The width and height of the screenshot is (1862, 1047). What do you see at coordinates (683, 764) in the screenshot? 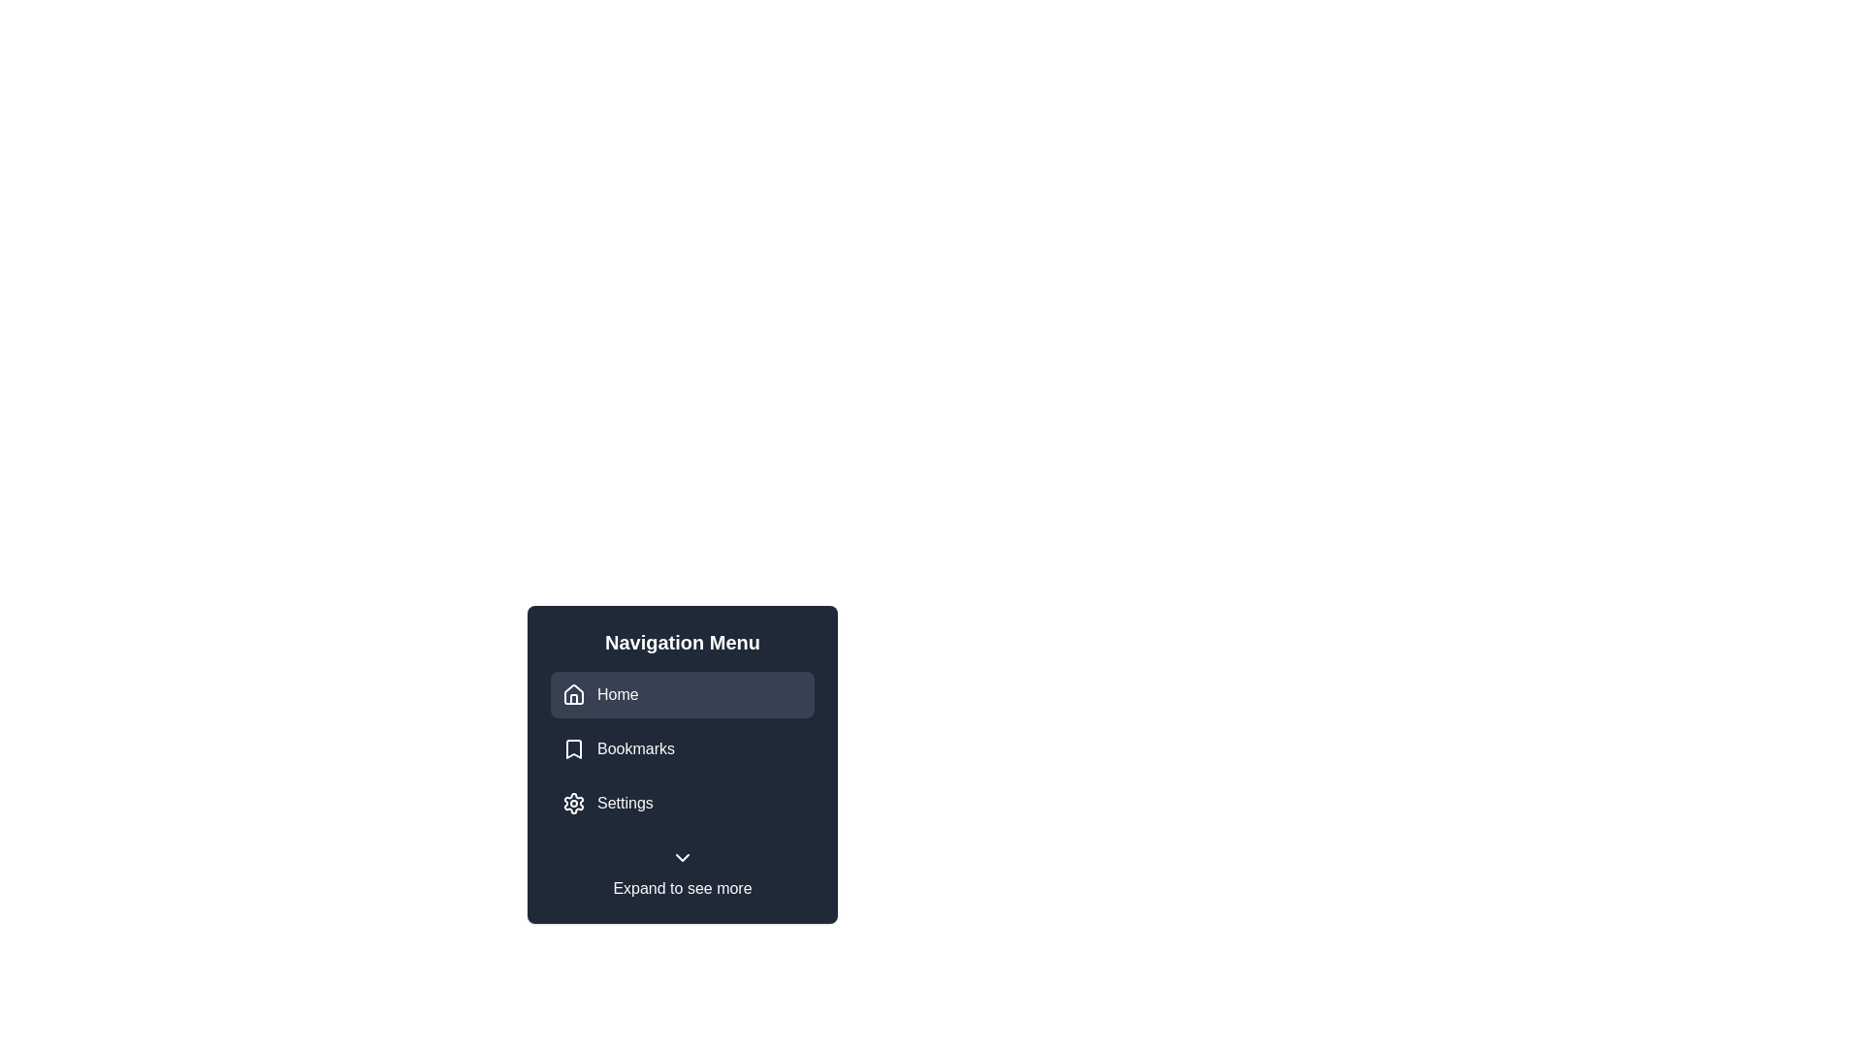
I see `the Navigation Menu that provides access to 'Home', 'Bookmarks', 'Settings', and an option to 'Expand` at bounding box center [683, 764].